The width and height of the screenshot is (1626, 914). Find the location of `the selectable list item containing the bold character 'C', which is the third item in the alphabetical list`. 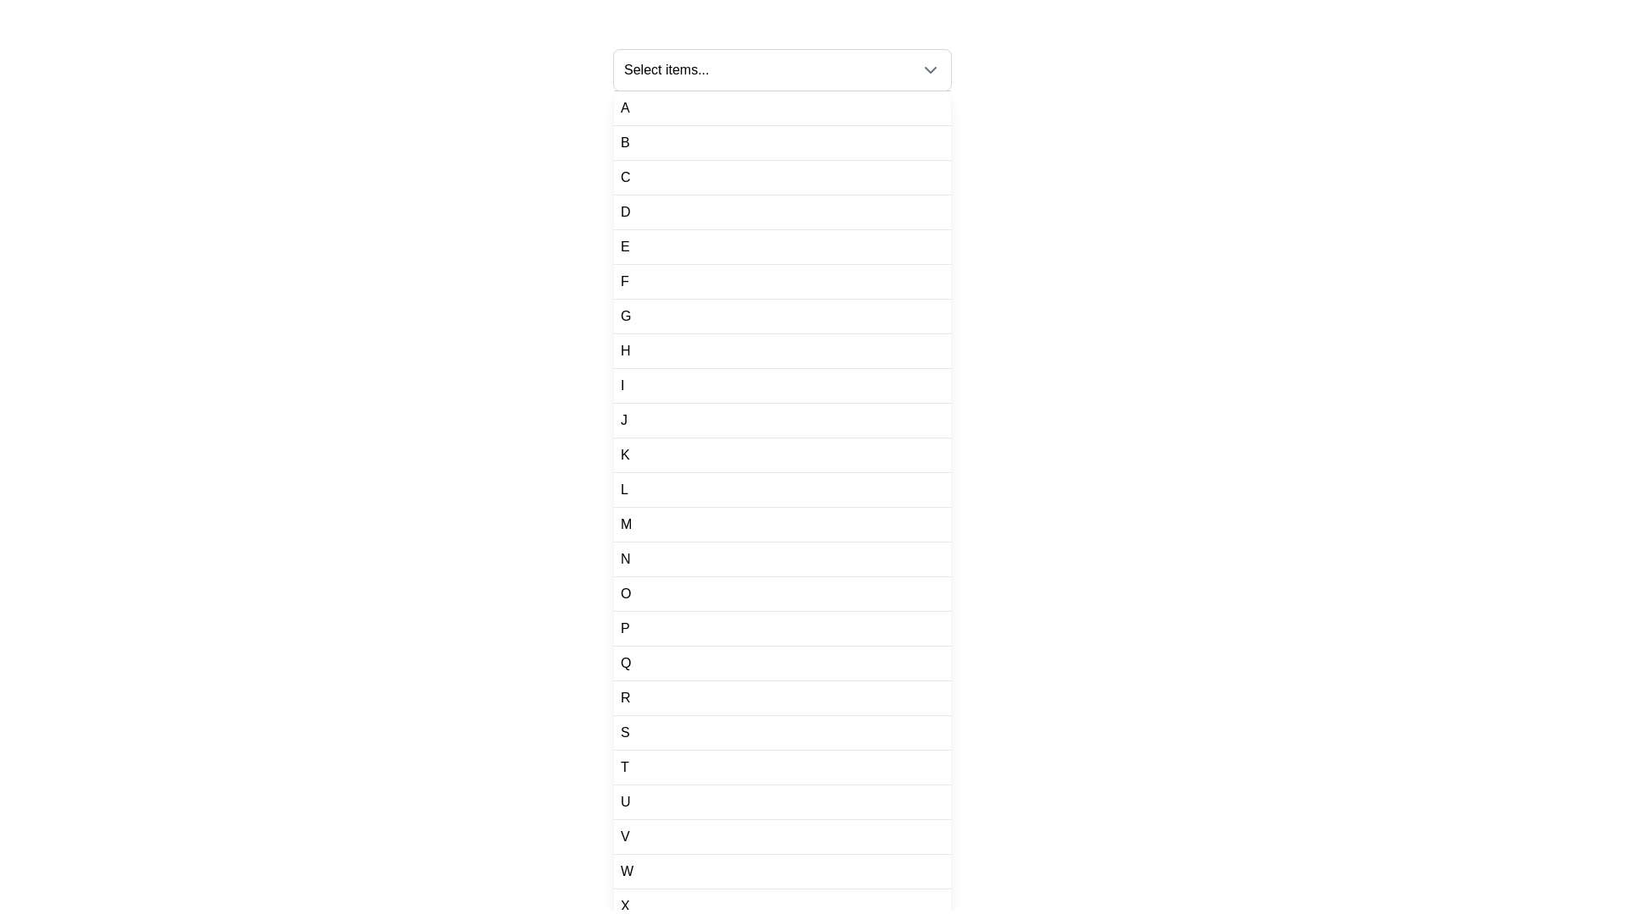

the selectable list item containing the bold character 'C', which is the third item in the alphabetical list is located at coordinates (782, 178).